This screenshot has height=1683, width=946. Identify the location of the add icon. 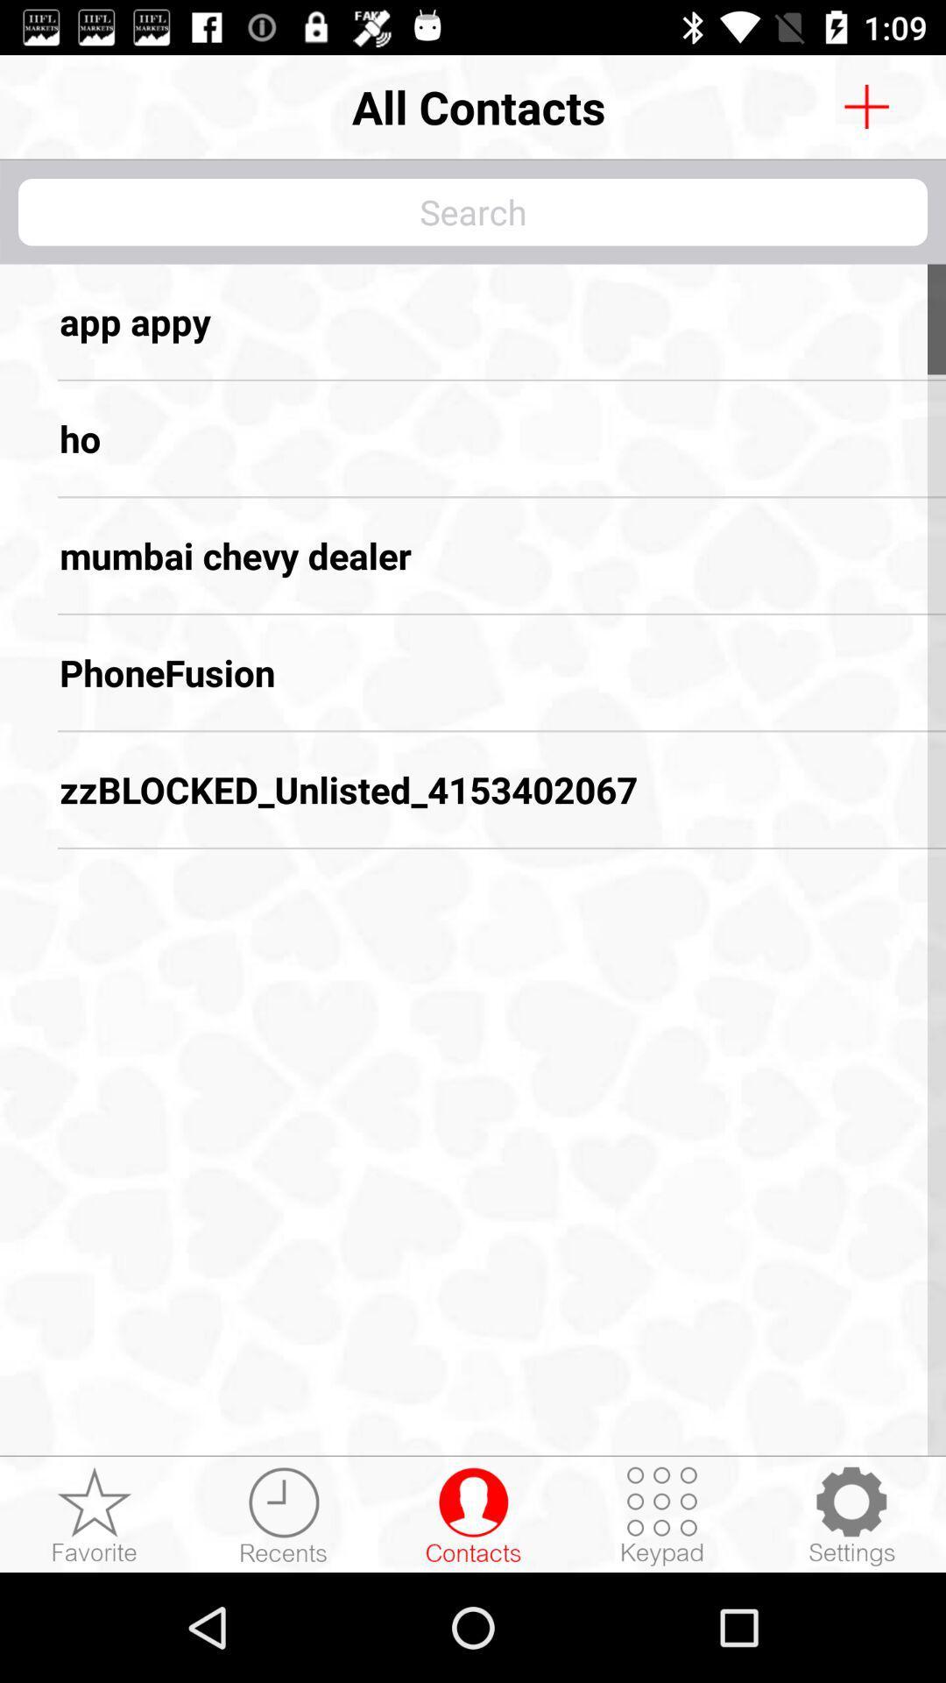
(865, 105).